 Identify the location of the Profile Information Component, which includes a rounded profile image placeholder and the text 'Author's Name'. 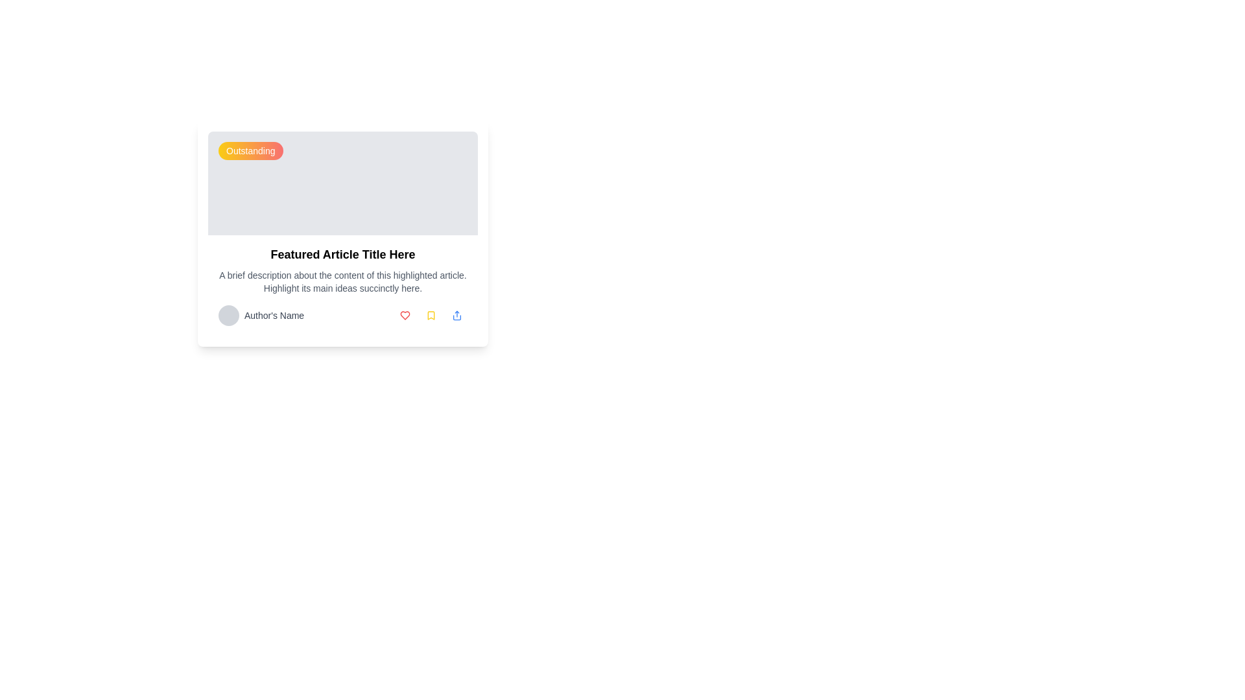
(261, 315).